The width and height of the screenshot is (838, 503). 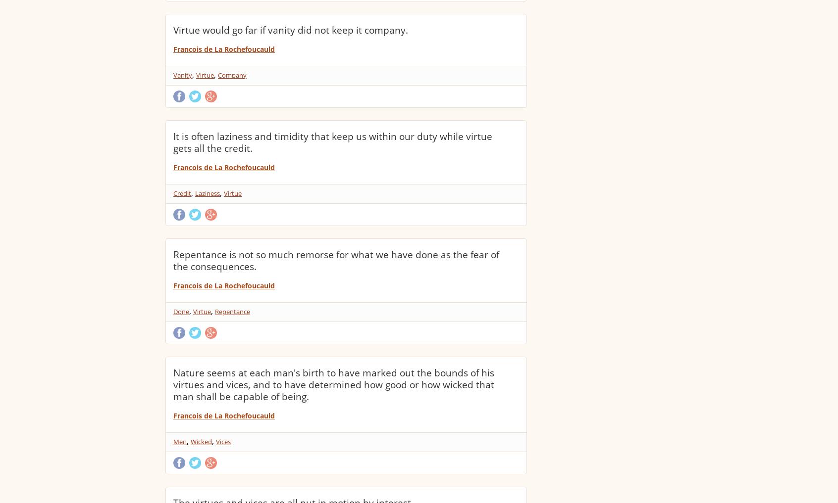 I want to click on 'Nature seems at each man's birth to have marked out the bounds of his virtues and vices, and to have determined how good or how wicked that man shall be capable of being.', so click(x=333, y=384).